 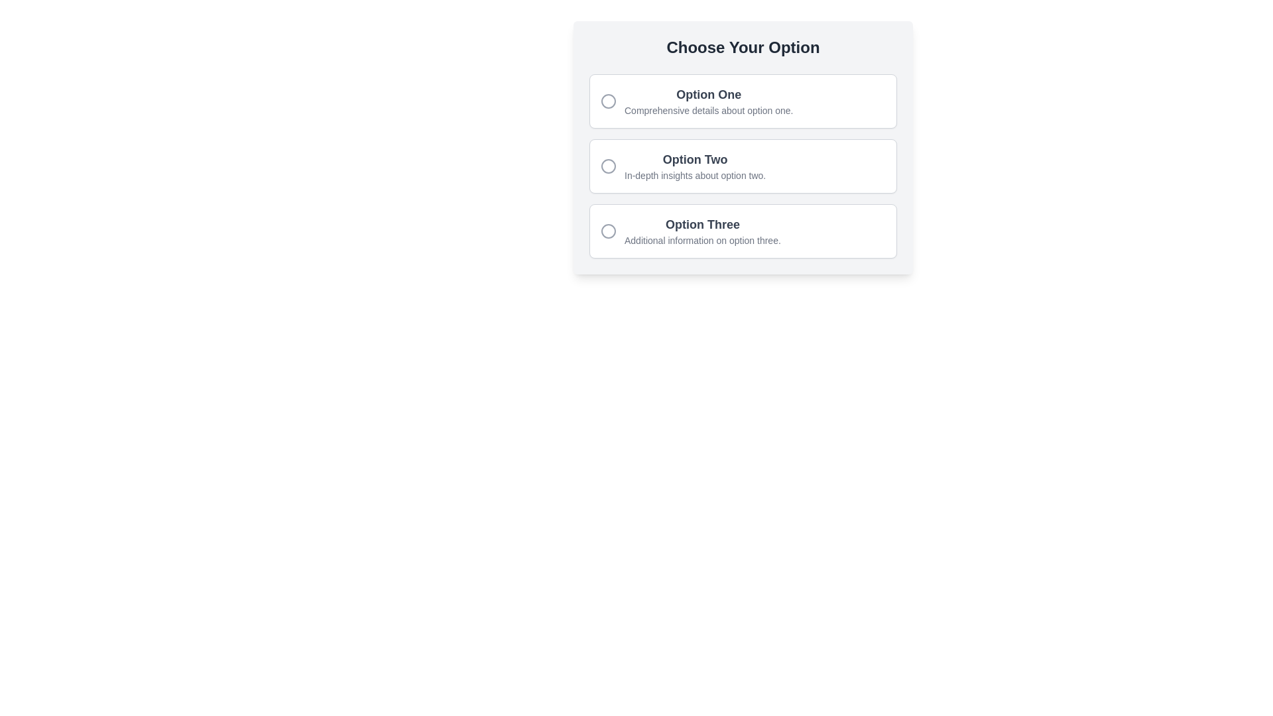 I want to click on the text label that serves as the title for the second option, so click(x=694, y=158).